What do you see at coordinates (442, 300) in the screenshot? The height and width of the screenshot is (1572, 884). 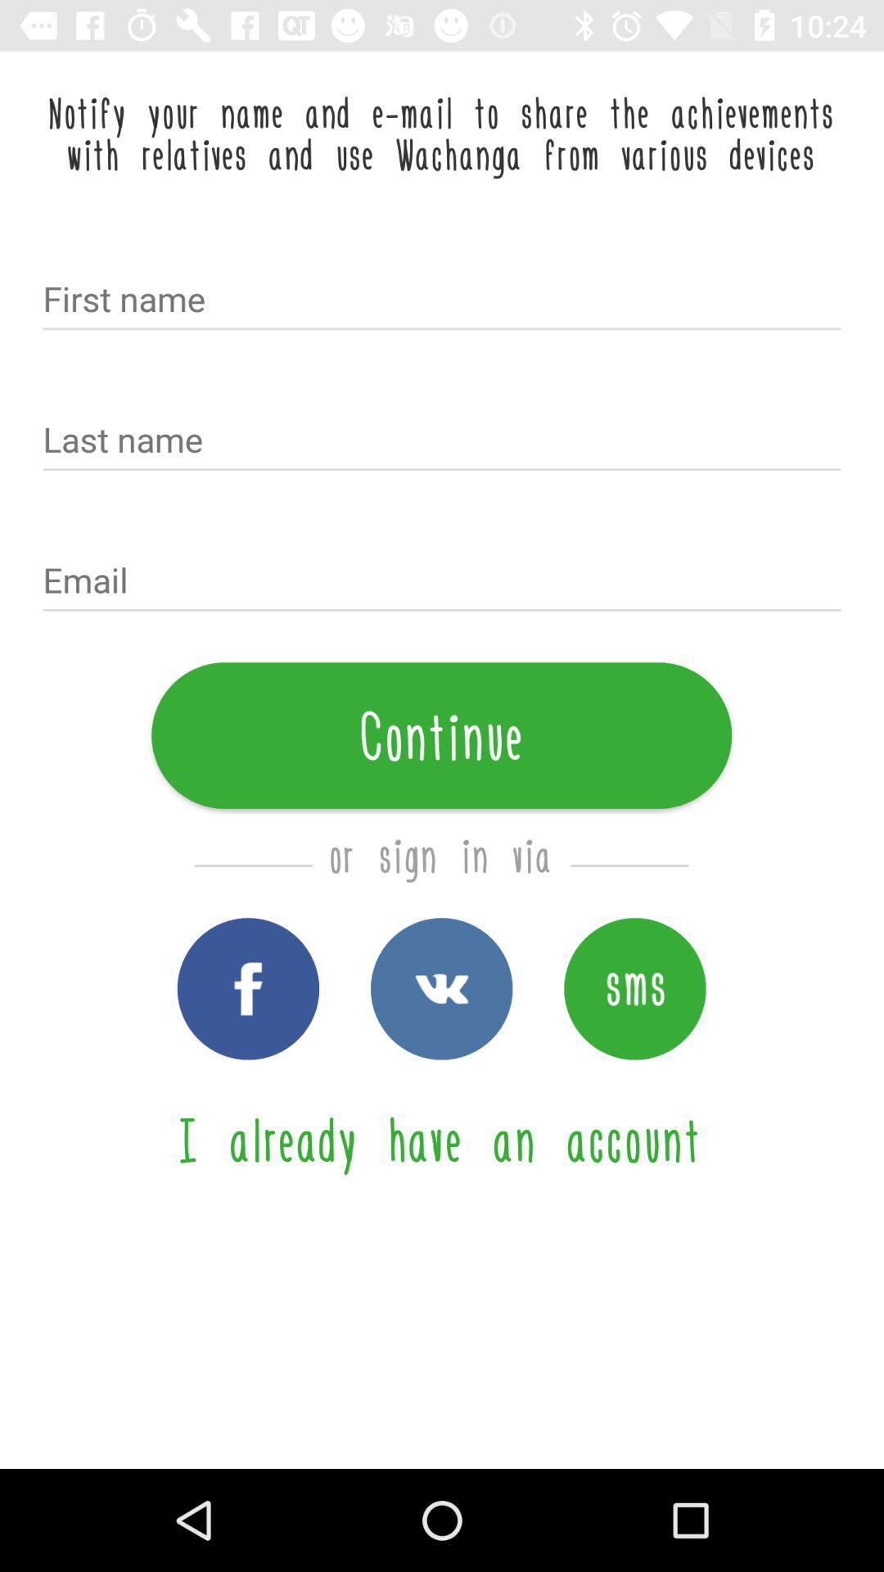 I see `the item below the notify your name icon` at bounding box center [442, 300].